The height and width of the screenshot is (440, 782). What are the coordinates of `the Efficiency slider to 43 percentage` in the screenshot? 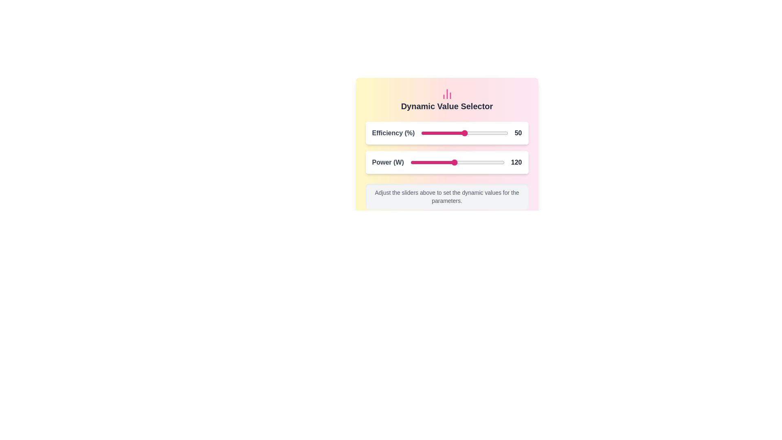 It's located at (459, 133).